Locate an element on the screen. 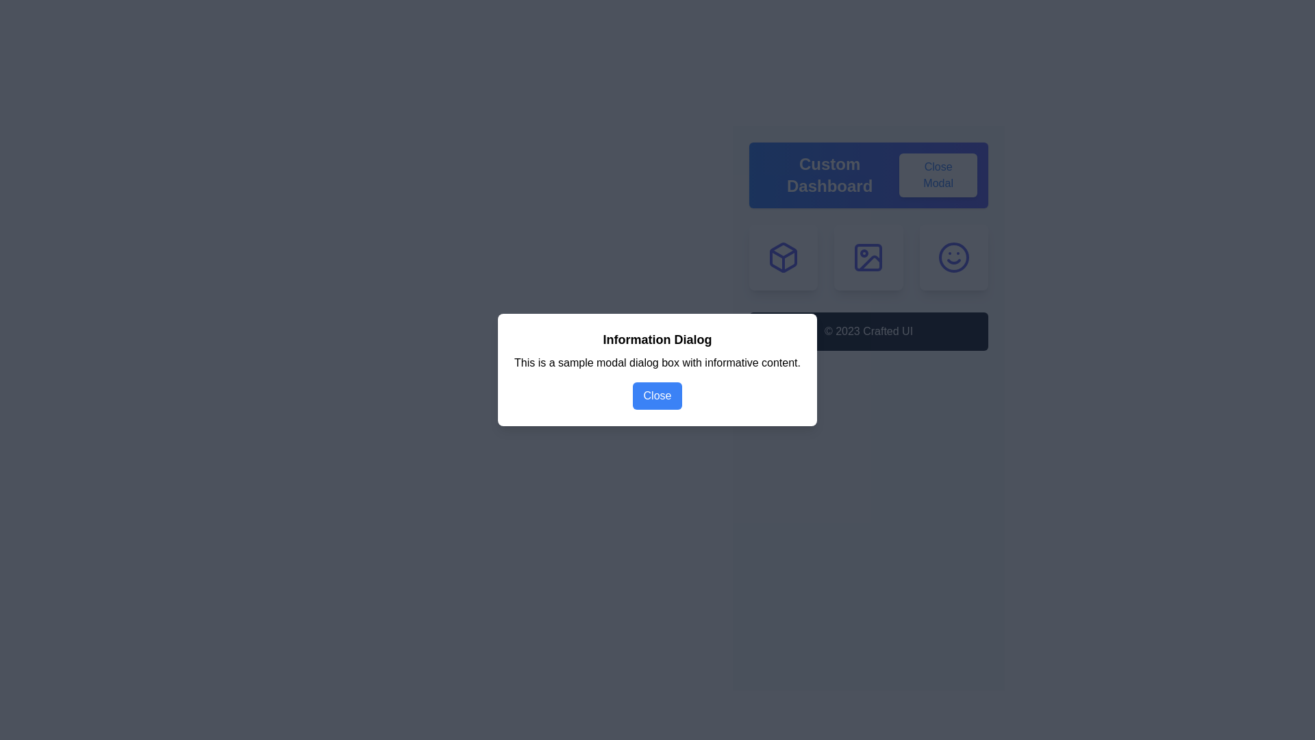 The image size is (1315, 740). the 'Close Modal' button, which has rounded corners and features the text in blue on a white background is located at coordinates (938, 174).